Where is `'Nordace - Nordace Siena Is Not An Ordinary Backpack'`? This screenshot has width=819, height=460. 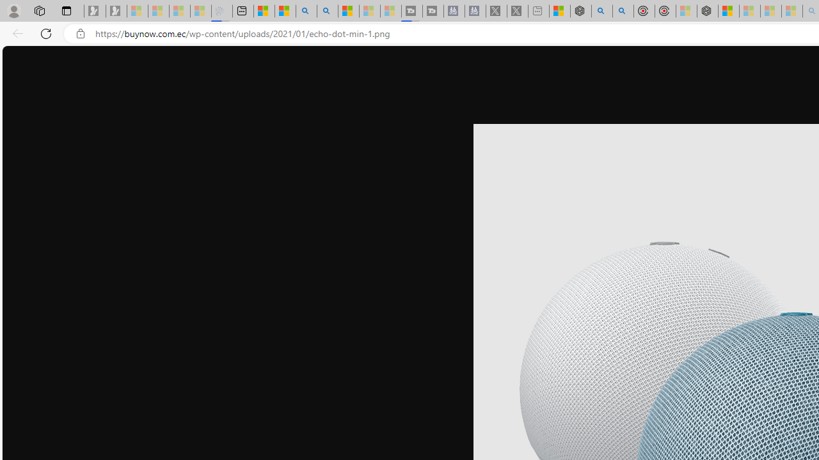
'Nordace - Nordace Siena Is Not An Ordinary Backpack' is located at coordinates (707, 11).